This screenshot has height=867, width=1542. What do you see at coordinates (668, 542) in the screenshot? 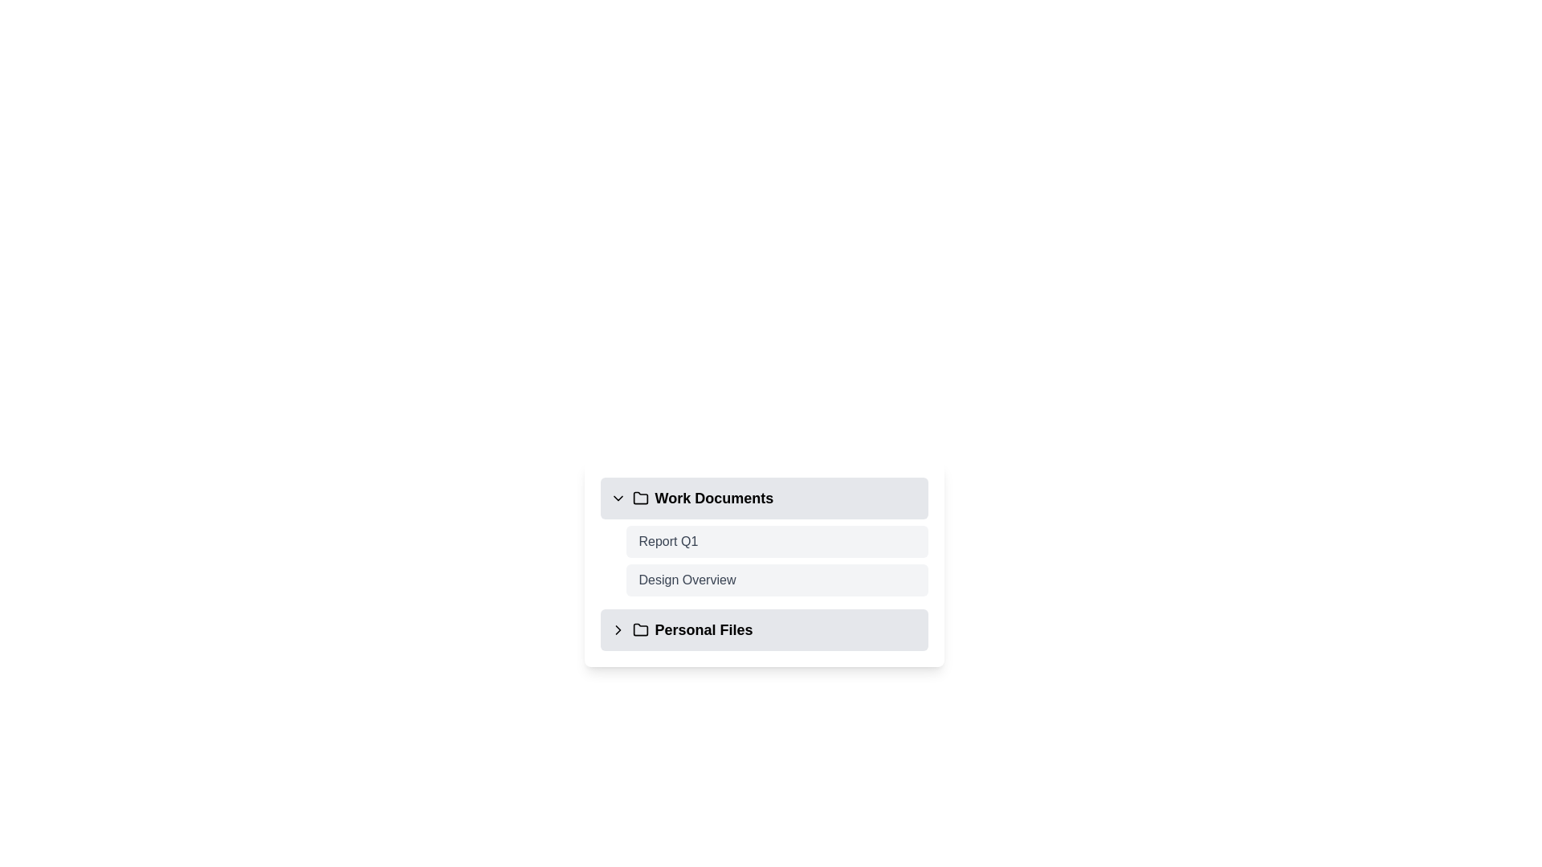
I see `the label titled 'Report Q1', which is the first item in the 'Work Documents' dropdown section` at bounding box center [668, 542].